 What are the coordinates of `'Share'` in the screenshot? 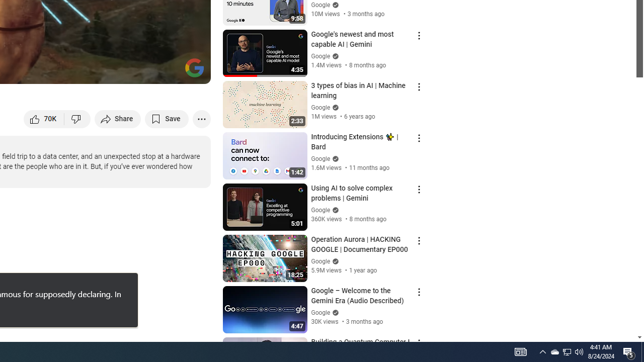 It's located at (118, 118).